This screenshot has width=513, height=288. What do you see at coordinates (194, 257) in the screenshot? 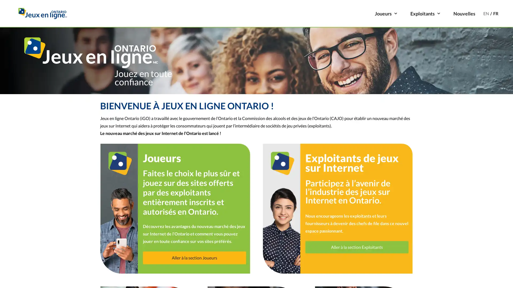
I see `Aller a la section Joueurs` at bounding box center [194, 257].